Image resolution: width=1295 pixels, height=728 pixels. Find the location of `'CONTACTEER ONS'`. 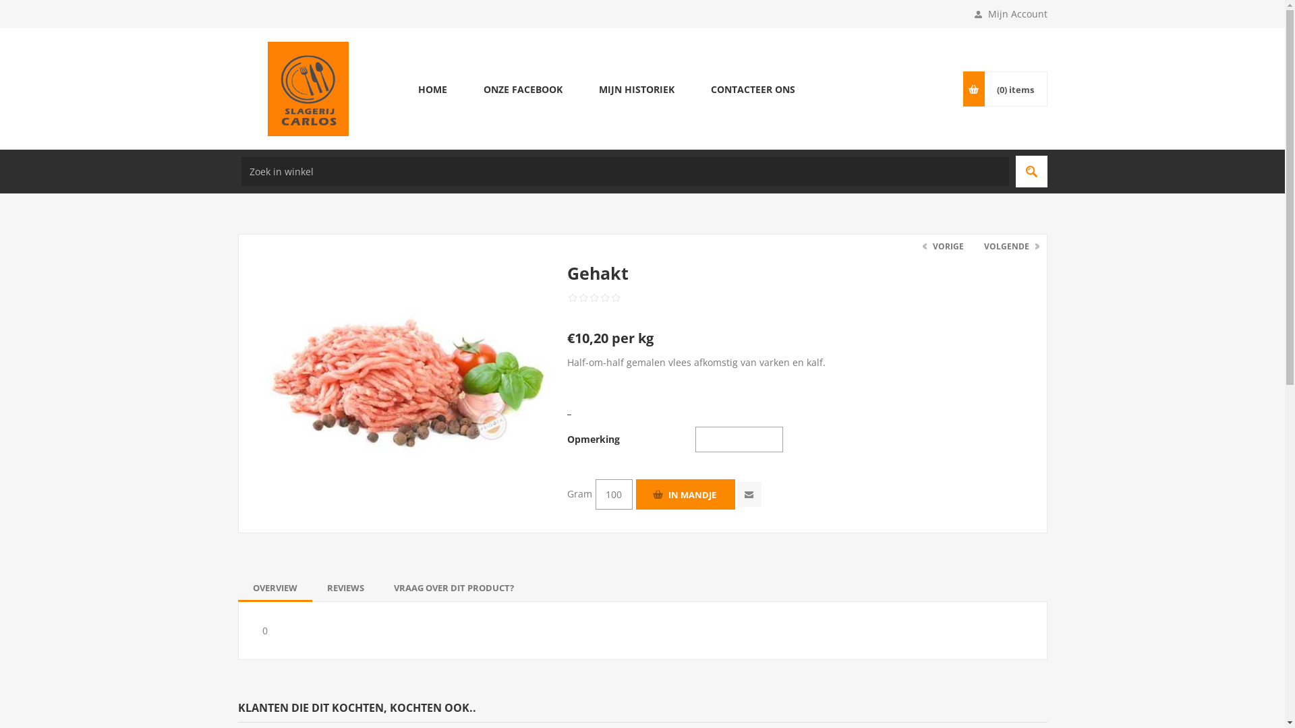

'CONTACTEER ONS' is located at coordinates (751, 89).